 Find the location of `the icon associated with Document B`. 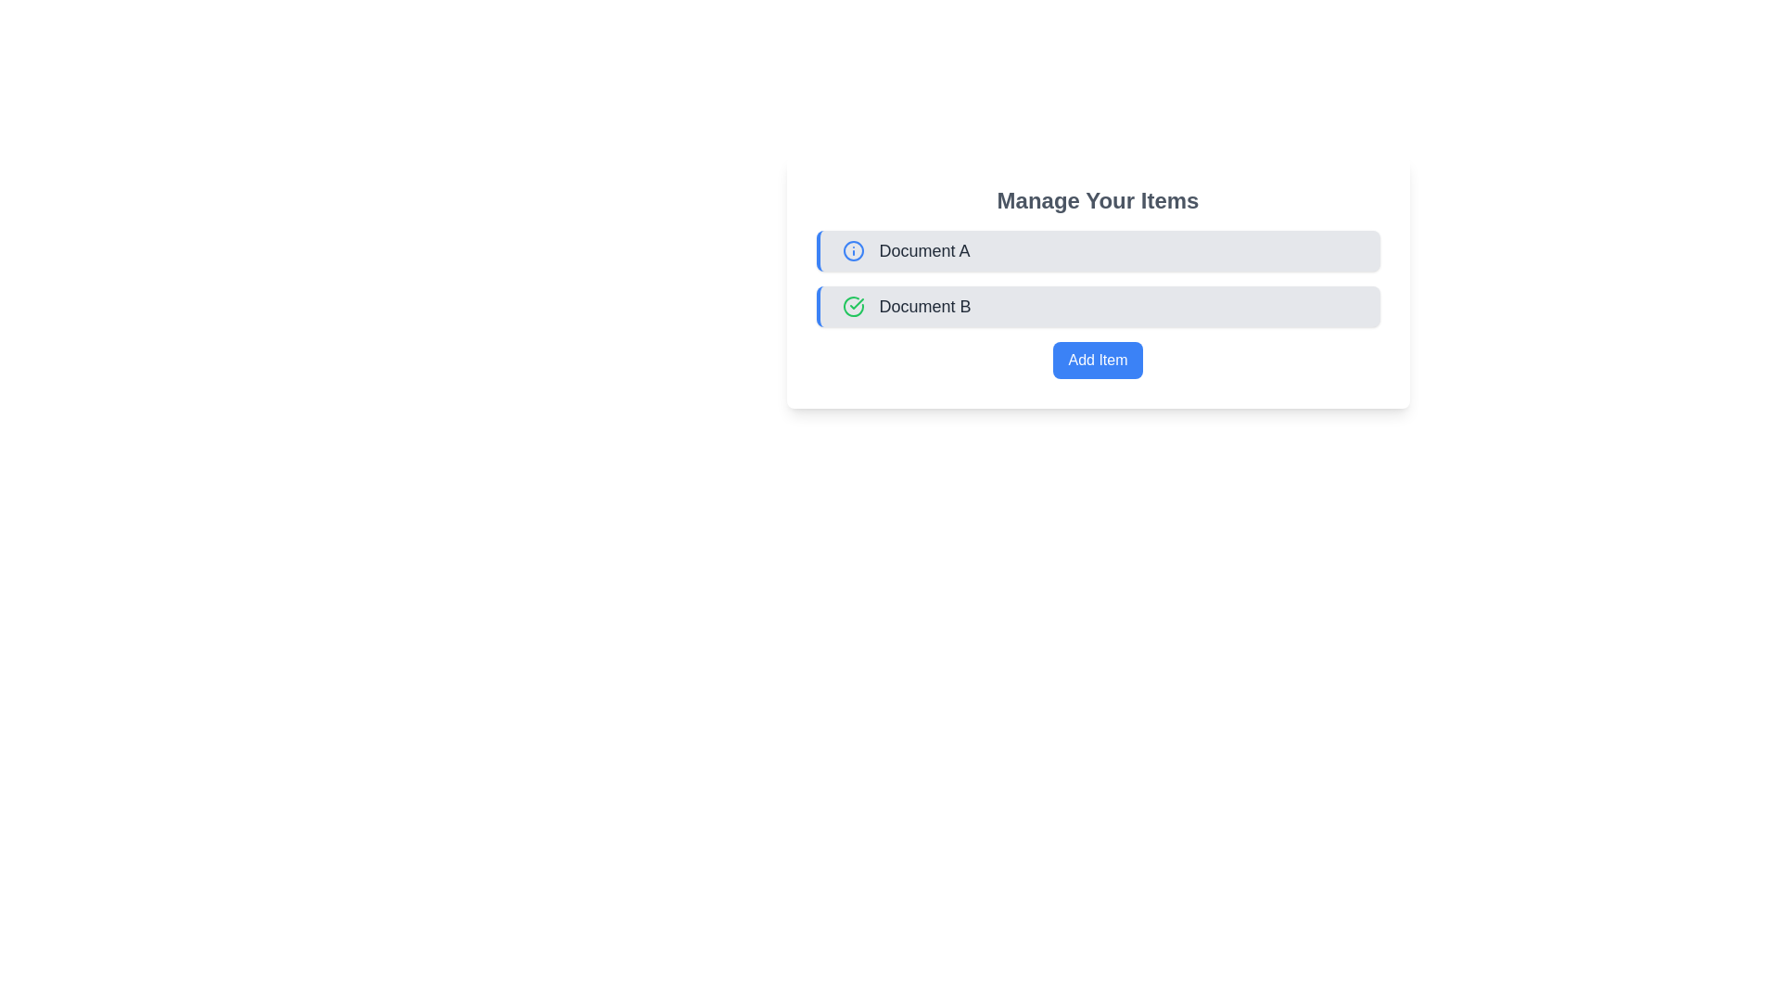

the icon associated with Document B is located at coordinates (852, 306).